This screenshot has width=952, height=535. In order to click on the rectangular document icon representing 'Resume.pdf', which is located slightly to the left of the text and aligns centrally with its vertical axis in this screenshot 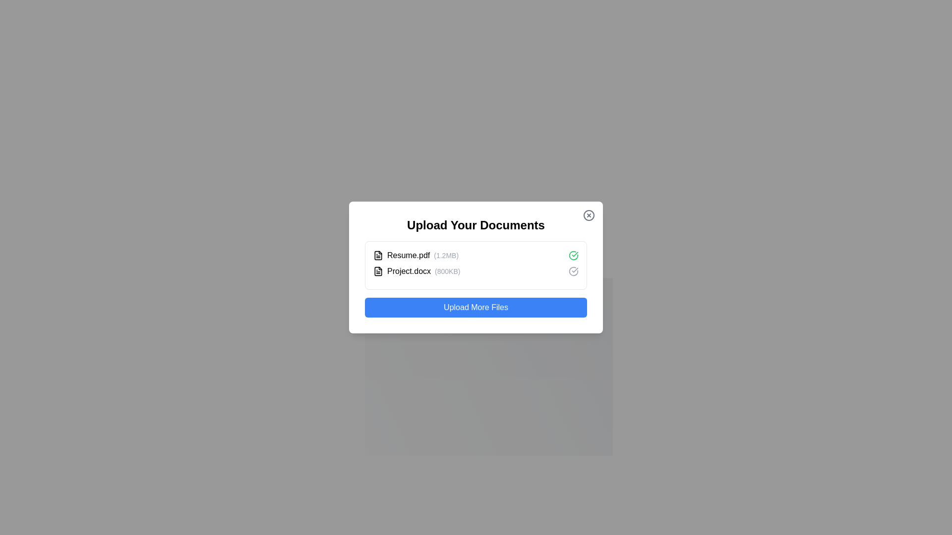, I will do `click(378, 255)`.